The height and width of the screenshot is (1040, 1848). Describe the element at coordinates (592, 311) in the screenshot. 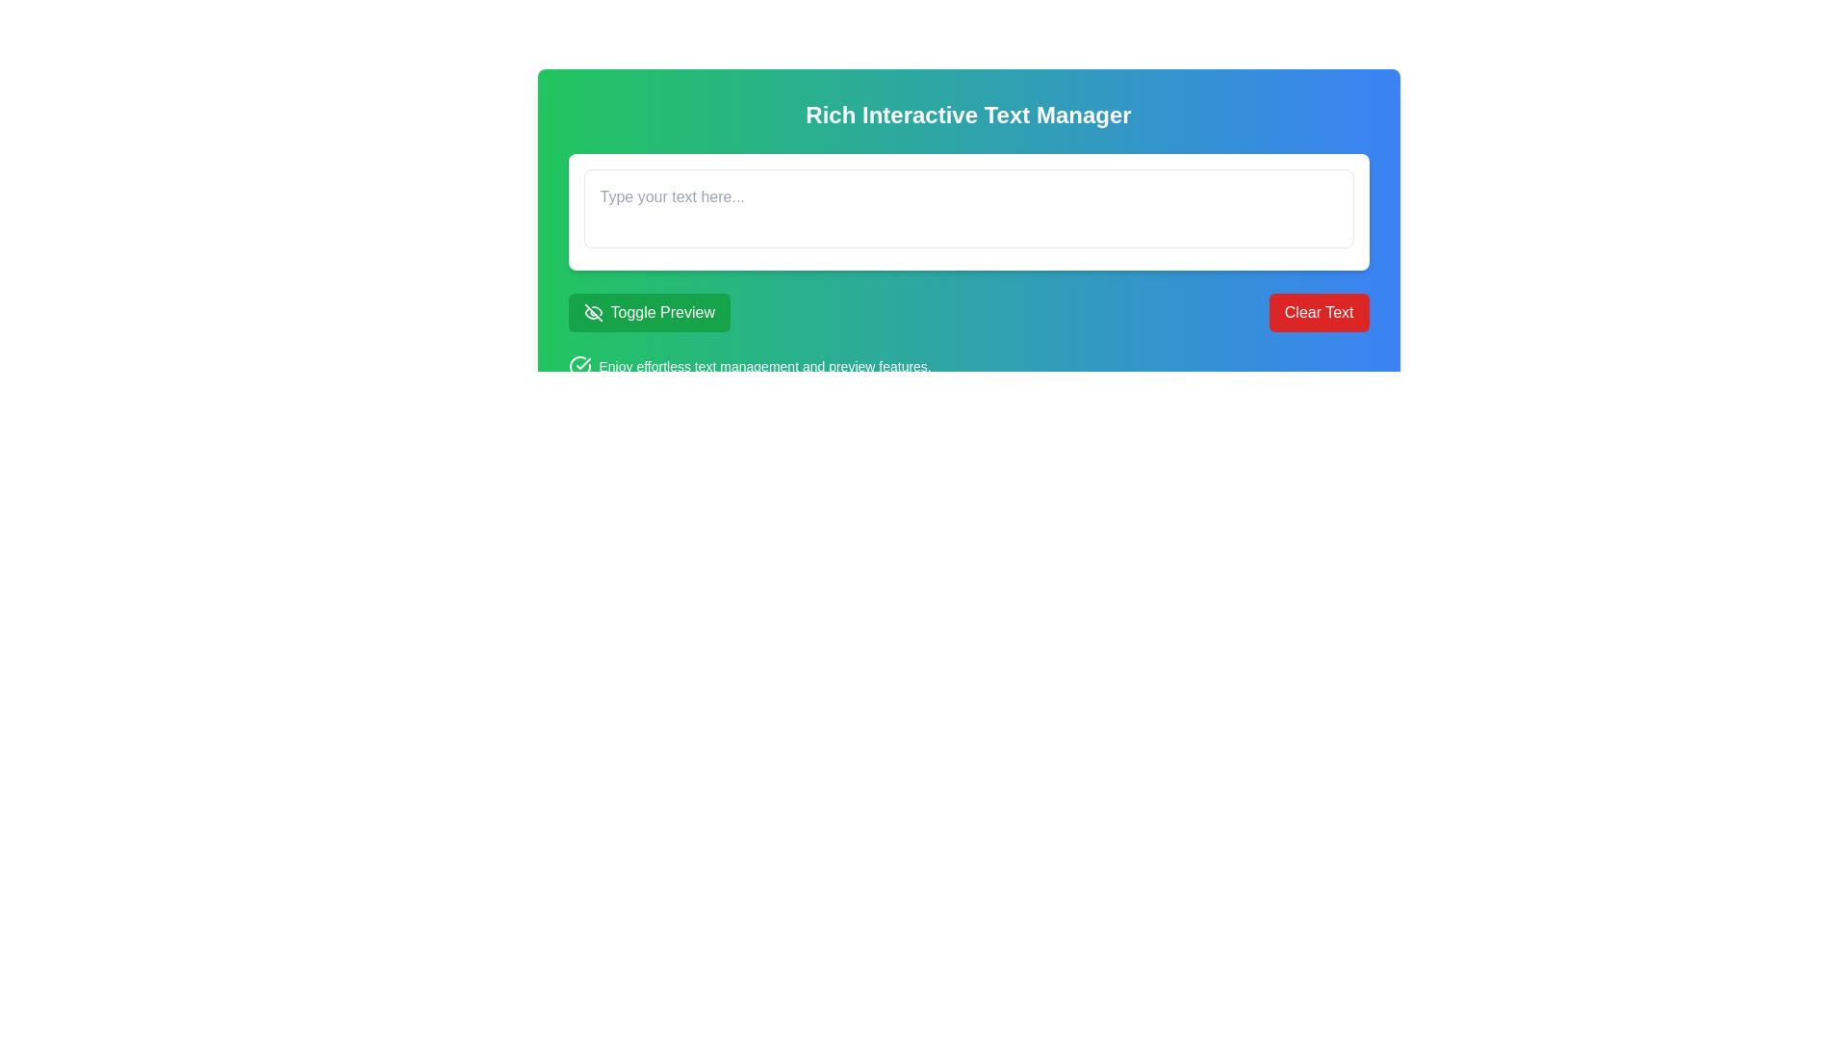

I see `the 'eye-slash' icon on the left side of the 'Toggle Preview' button, which indicates a hidden-eye state` at that location.